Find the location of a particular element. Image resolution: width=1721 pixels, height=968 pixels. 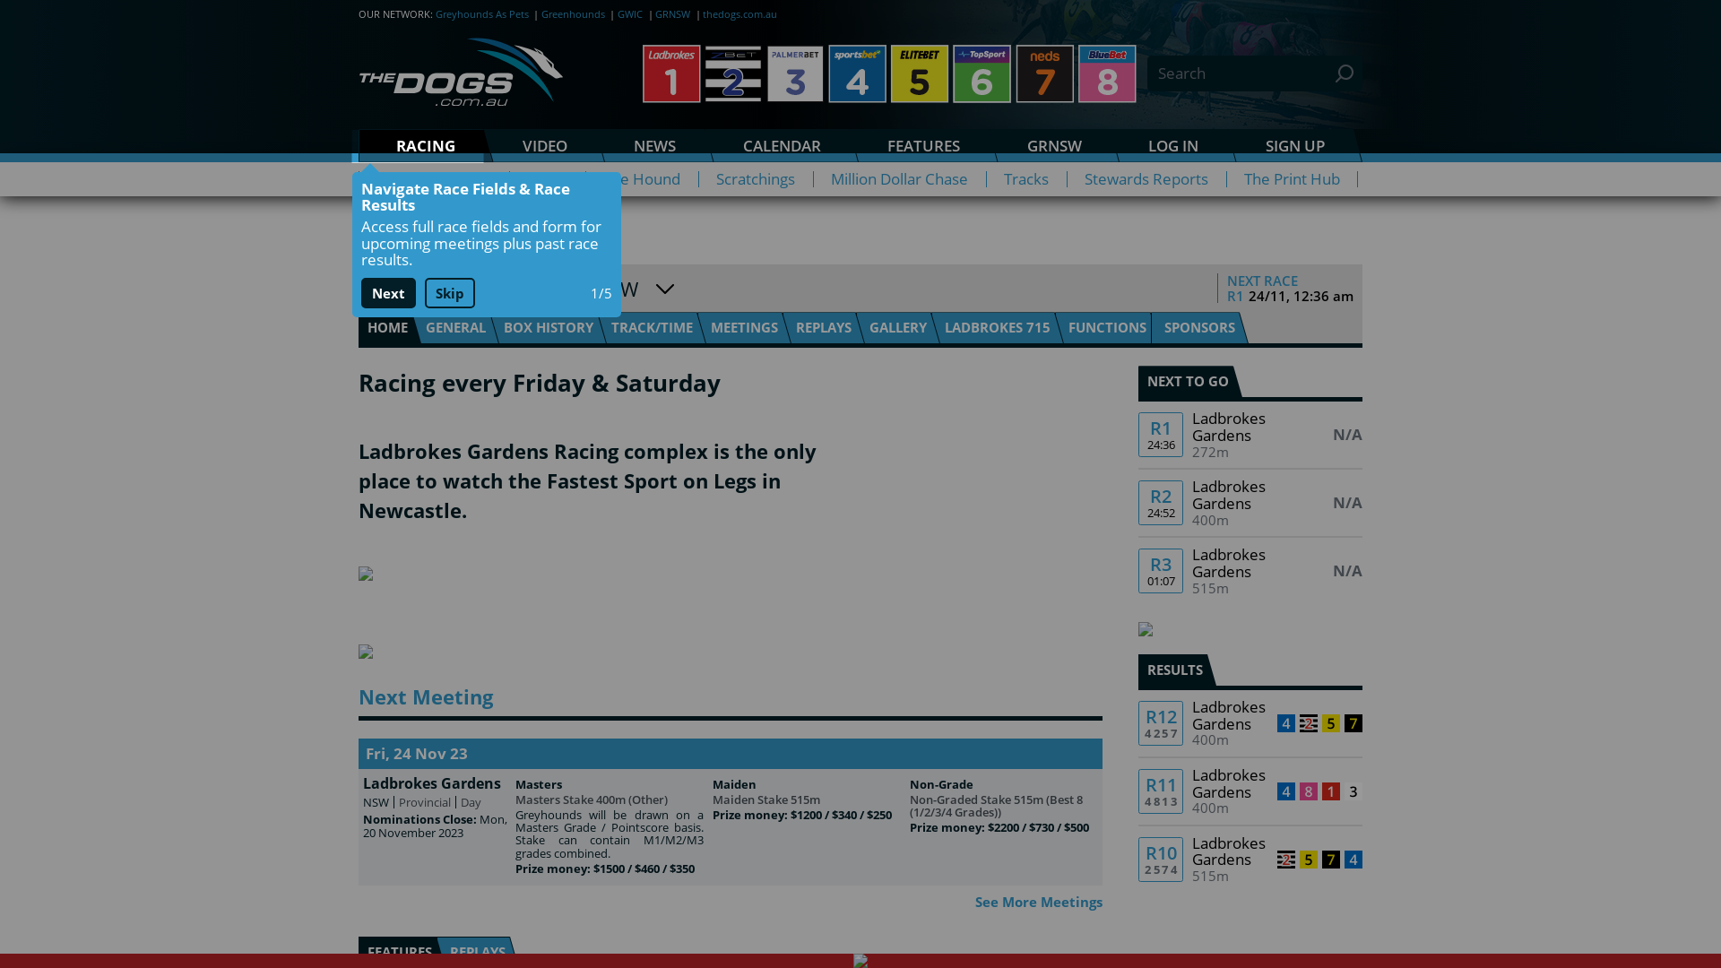

'R10 is located at coordinates (1250, 859).